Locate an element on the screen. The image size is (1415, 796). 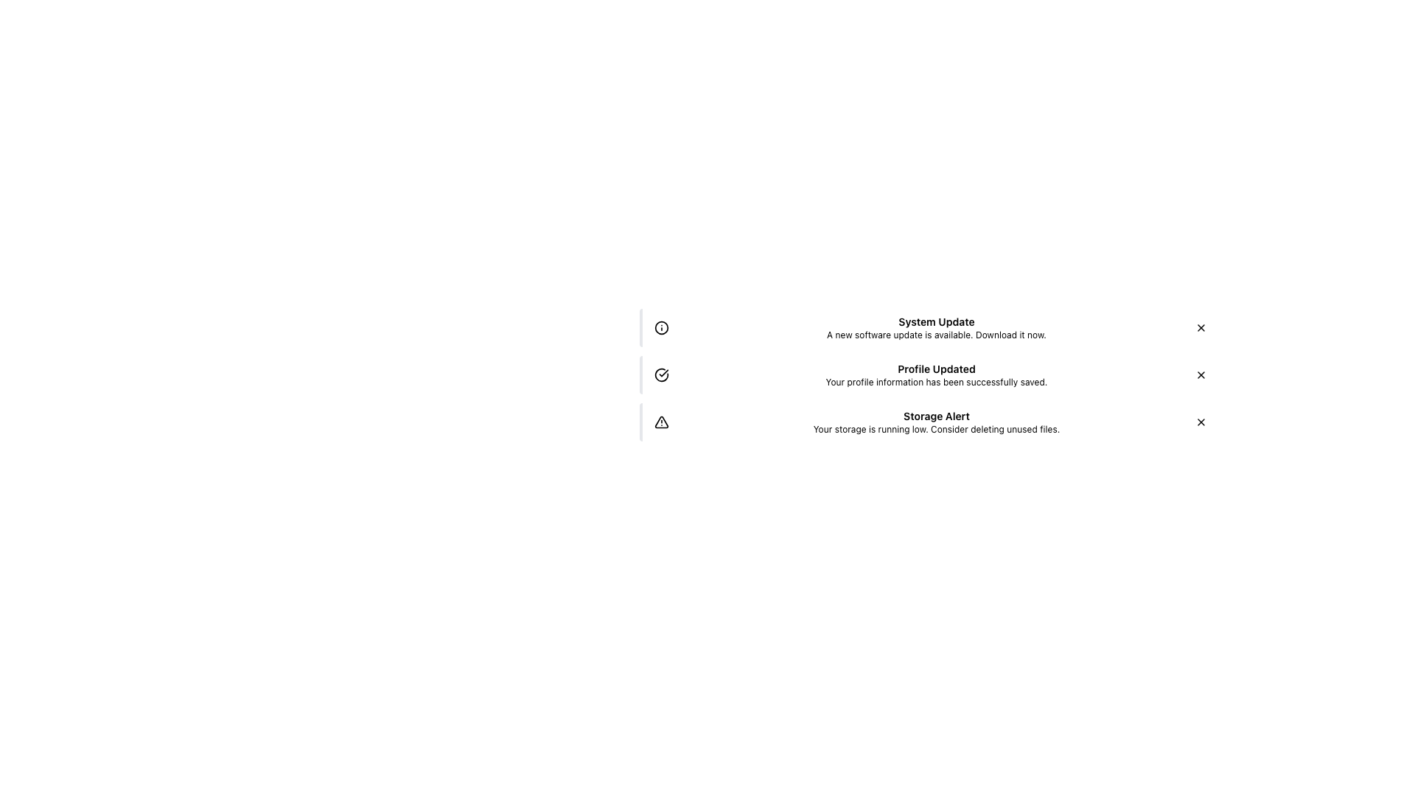
the confirmation message that indicates the user's profile information has been saved successfully, located below the 'Profile Updated' text is located at coordinates (936, 382).